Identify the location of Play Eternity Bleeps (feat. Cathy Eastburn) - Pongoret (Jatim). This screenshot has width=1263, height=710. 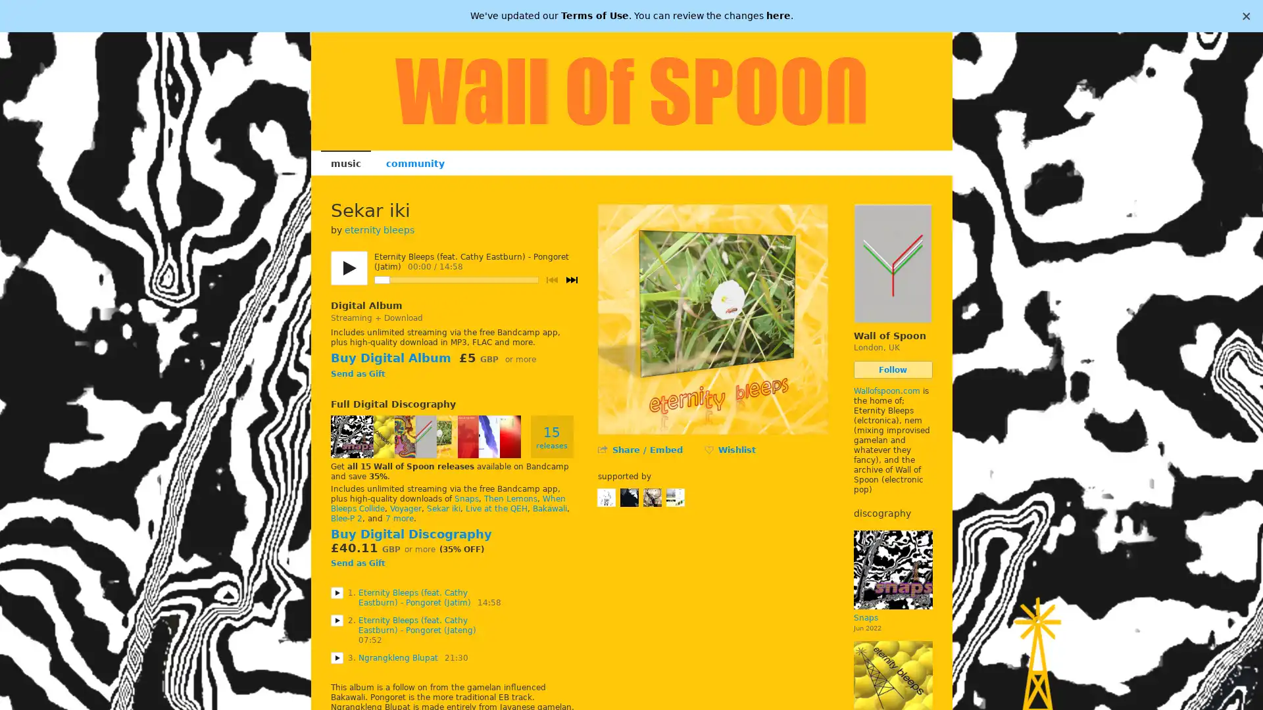
(336, 592).